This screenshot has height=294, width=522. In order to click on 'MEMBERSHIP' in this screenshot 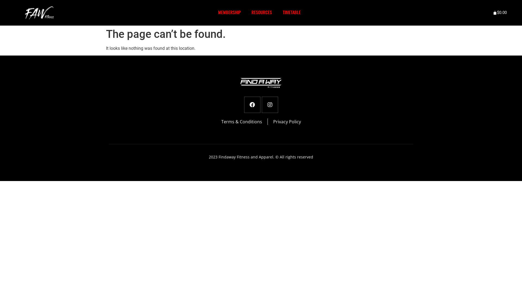, I will do `click(229, 12)`.